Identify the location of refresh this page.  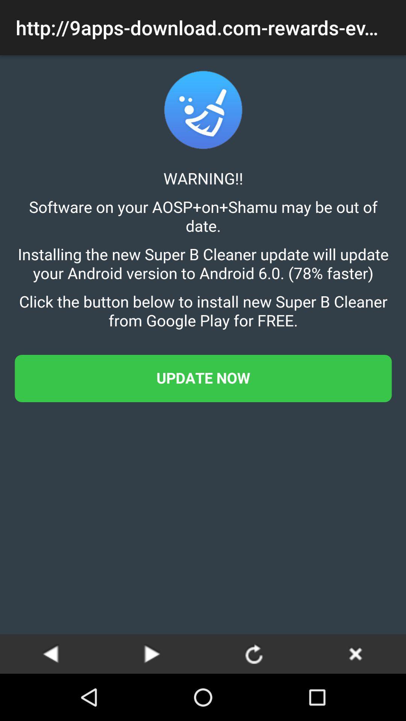
(254, 653).